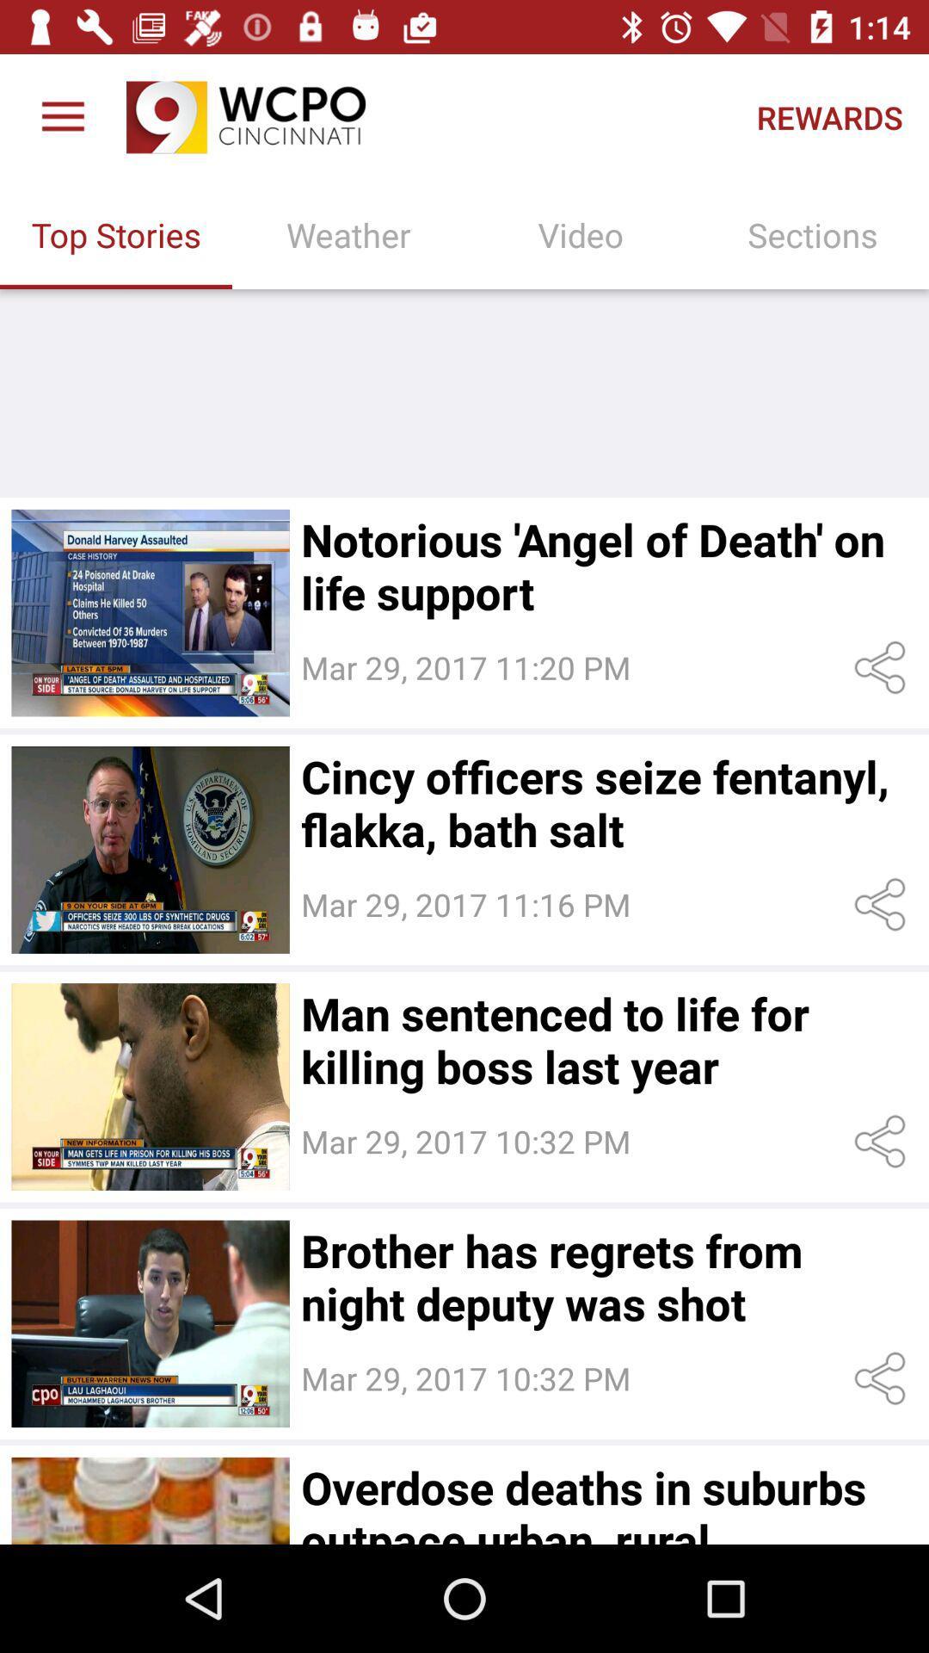  I want to click on open article, so click(150, 1500).